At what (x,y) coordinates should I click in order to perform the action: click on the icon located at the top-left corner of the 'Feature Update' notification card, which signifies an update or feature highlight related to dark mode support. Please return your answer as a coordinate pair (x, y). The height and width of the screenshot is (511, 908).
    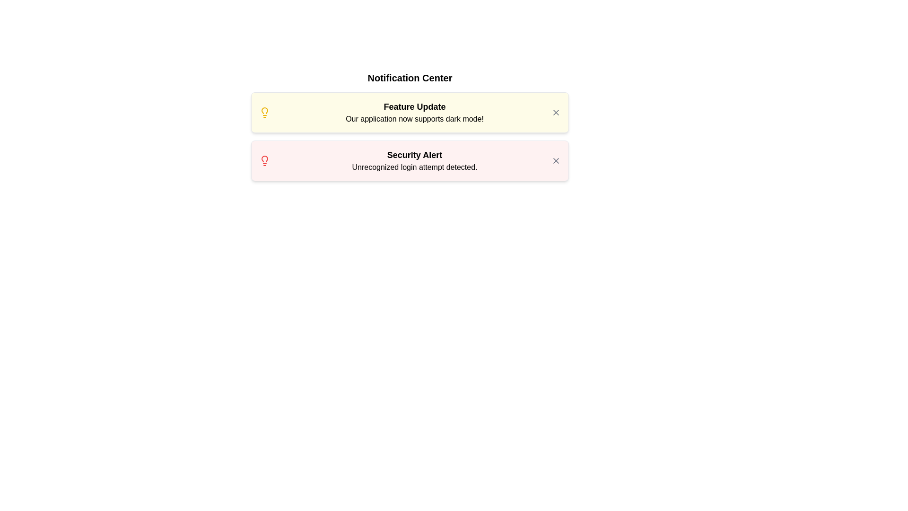
    Looking at the image, I should click on (265, 112).